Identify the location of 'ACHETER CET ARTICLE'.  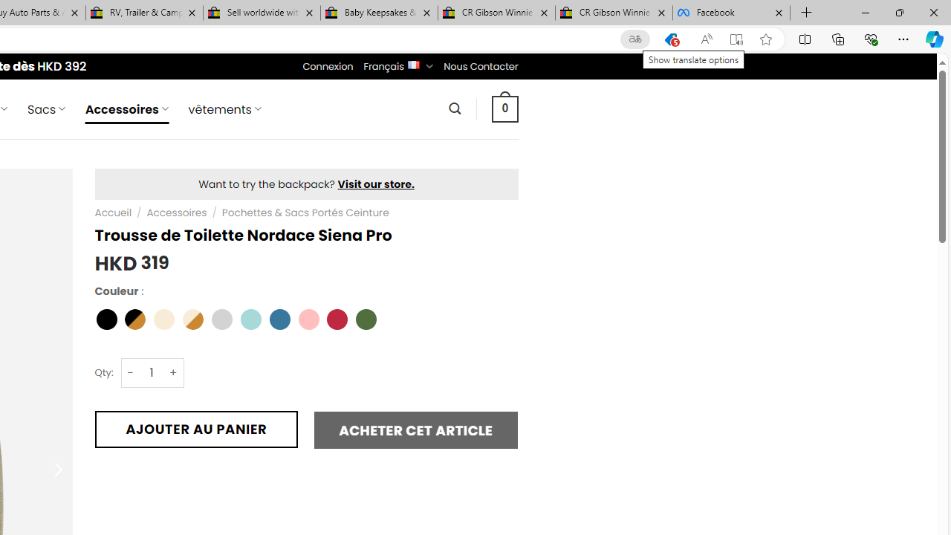
(416, 430).